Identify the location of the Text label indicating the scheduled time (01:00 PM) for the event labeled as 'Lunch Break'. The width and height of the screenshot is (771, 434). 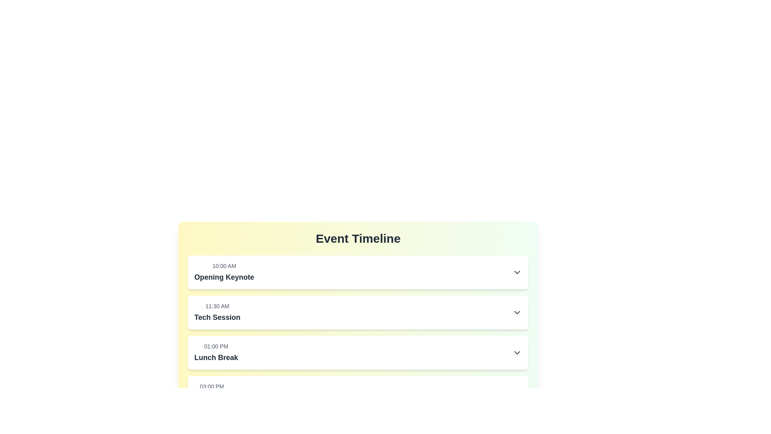
(216, 346).